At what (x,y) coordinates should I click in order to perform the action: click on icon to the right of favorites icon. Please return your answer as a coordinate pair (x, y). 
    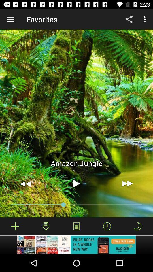
    Looking at the image, I should click on (129, 19).